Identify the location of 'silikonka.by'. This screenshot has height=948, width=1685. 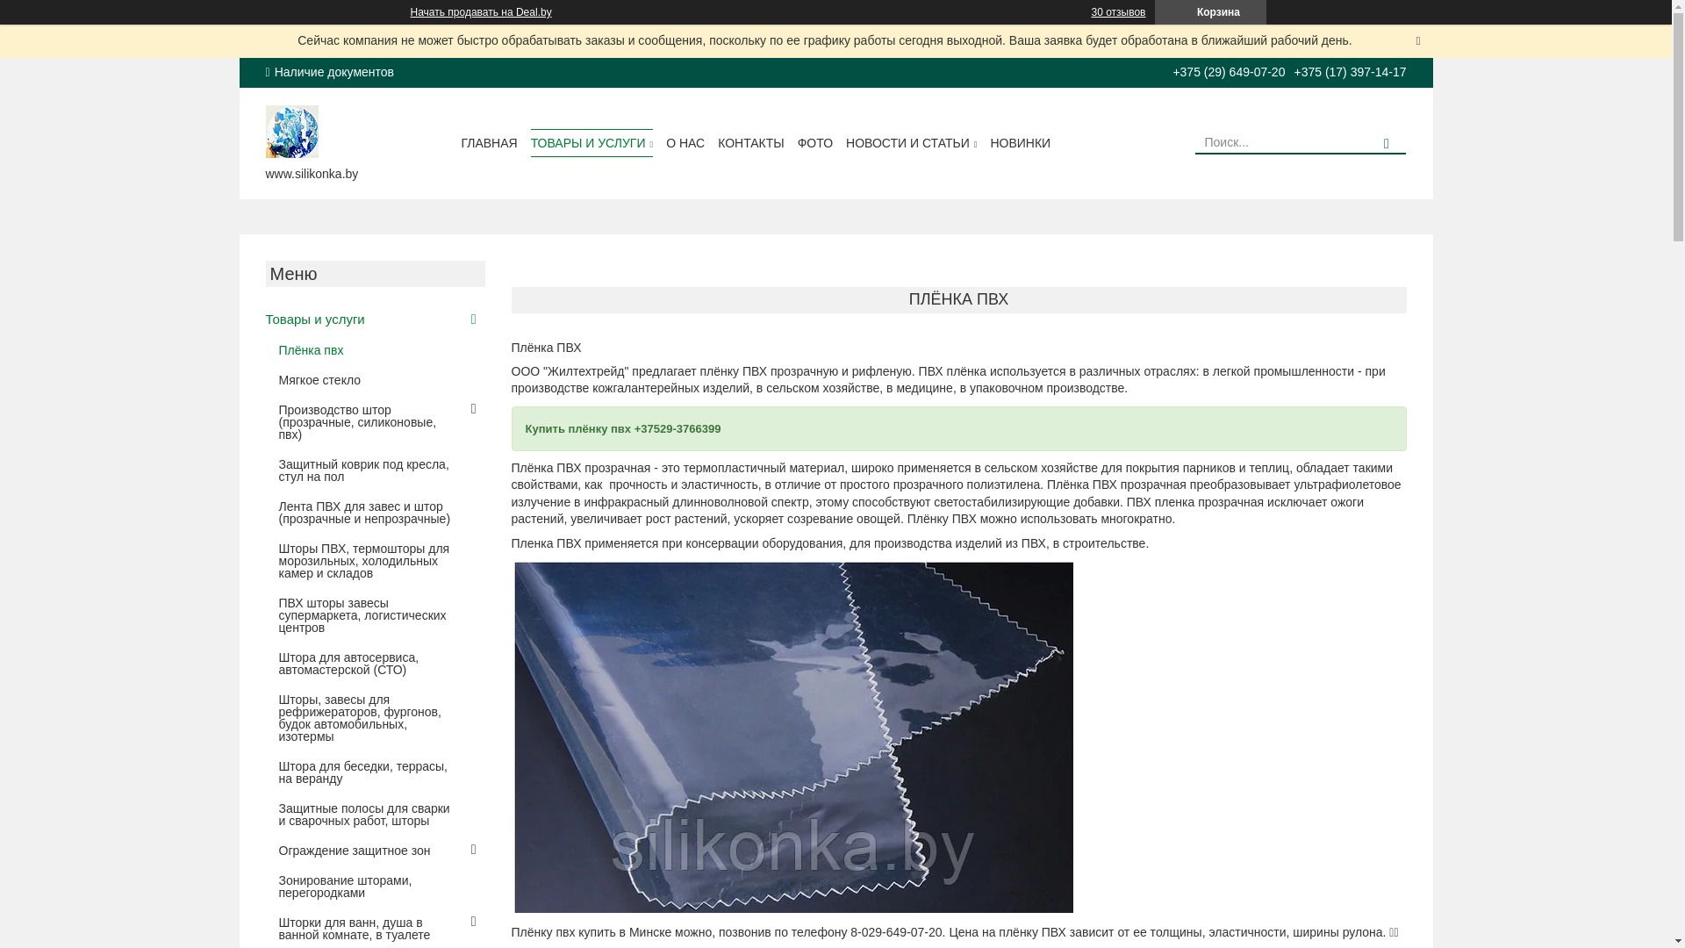
(264, 128).